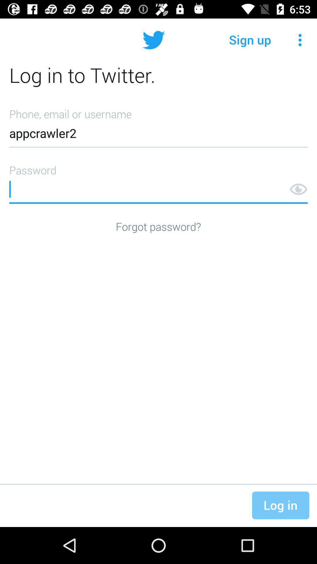 This screenshot has width=317, height=564. I want to click on the appcrawler2 item, so click(158, 125).